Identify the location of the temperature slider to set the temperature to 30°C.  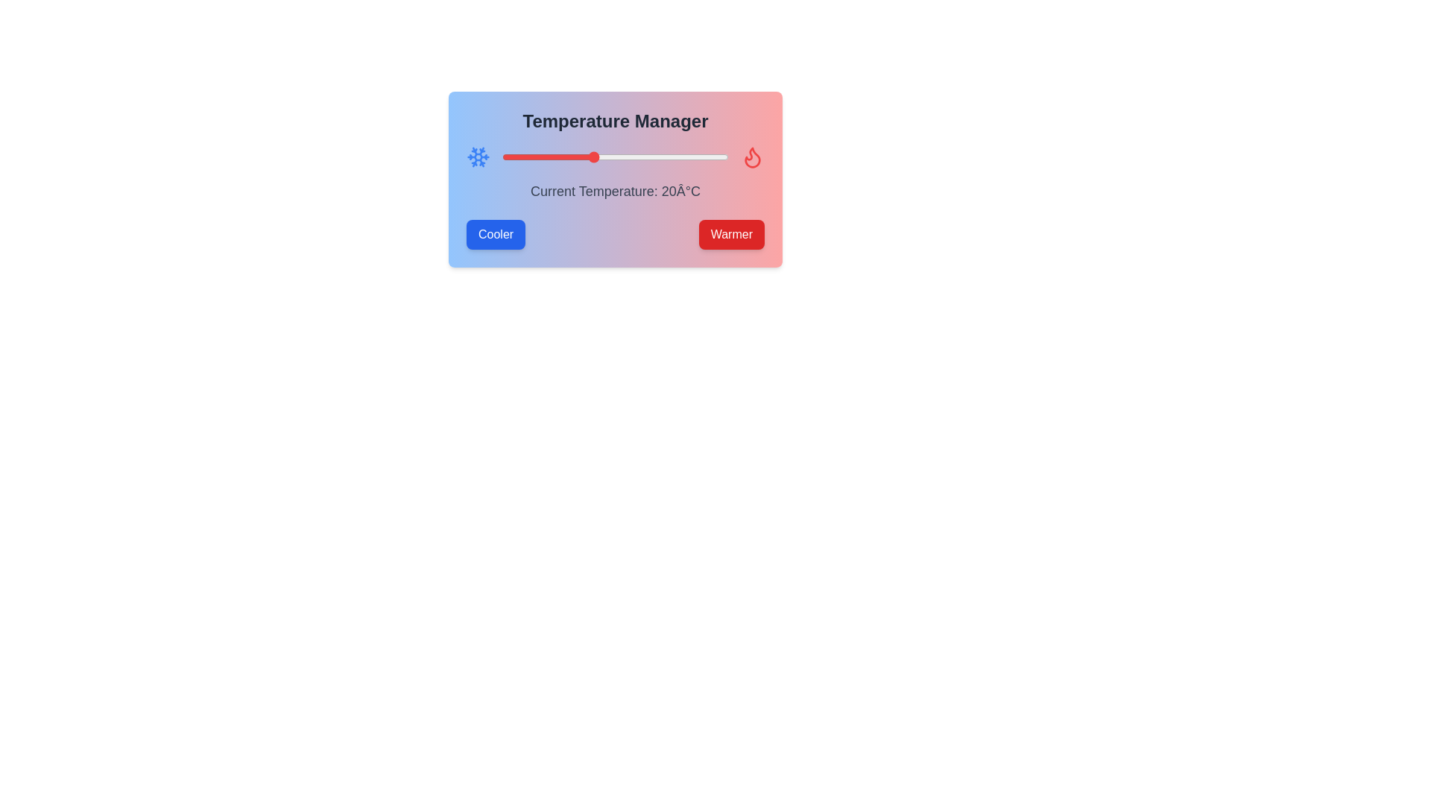
(638, 157).